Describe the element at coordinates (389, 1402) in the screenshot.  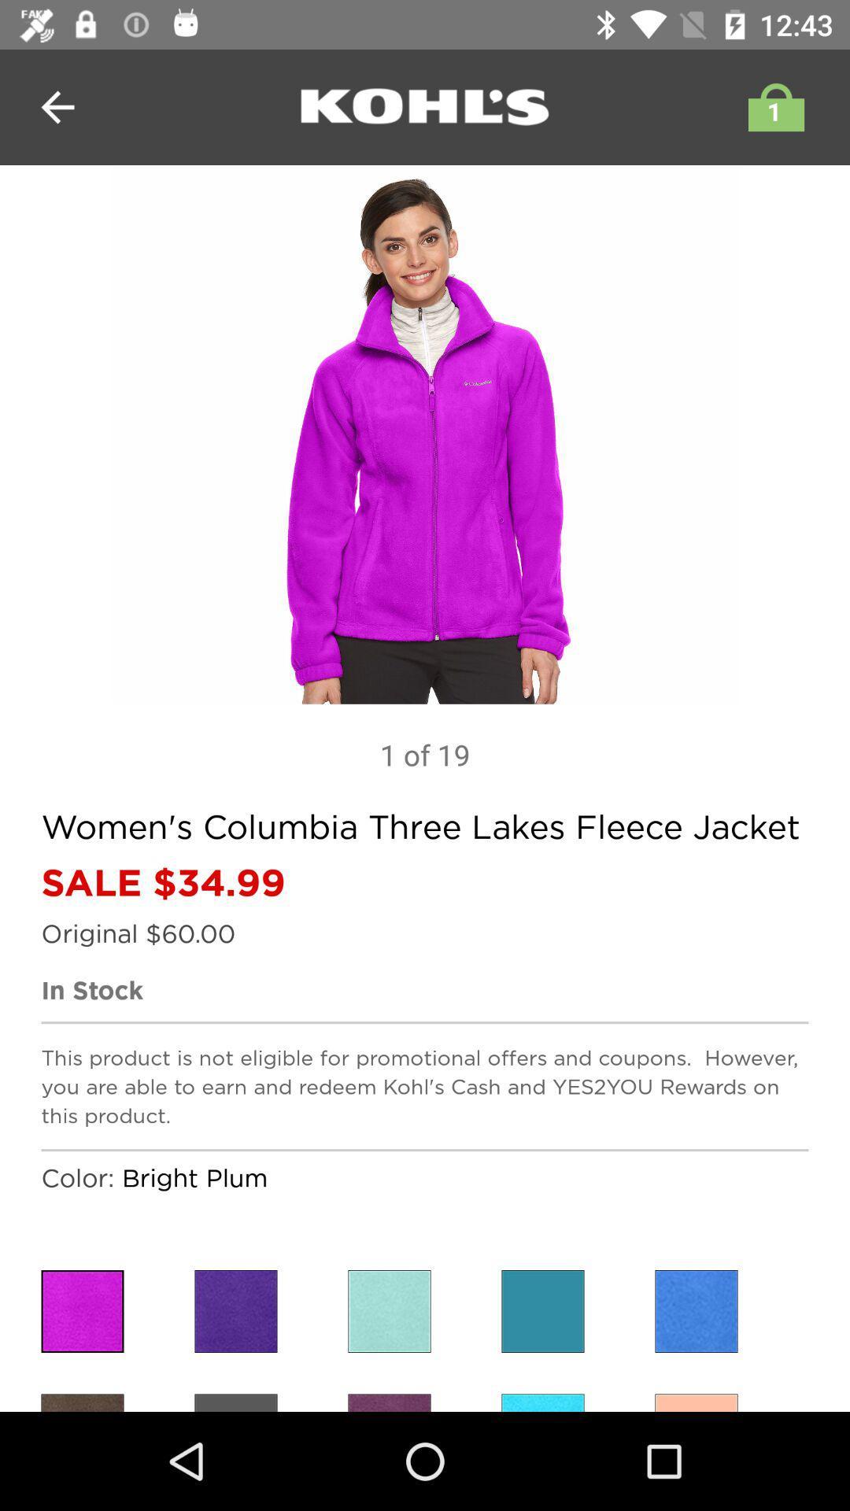
I see `item color` at that location.